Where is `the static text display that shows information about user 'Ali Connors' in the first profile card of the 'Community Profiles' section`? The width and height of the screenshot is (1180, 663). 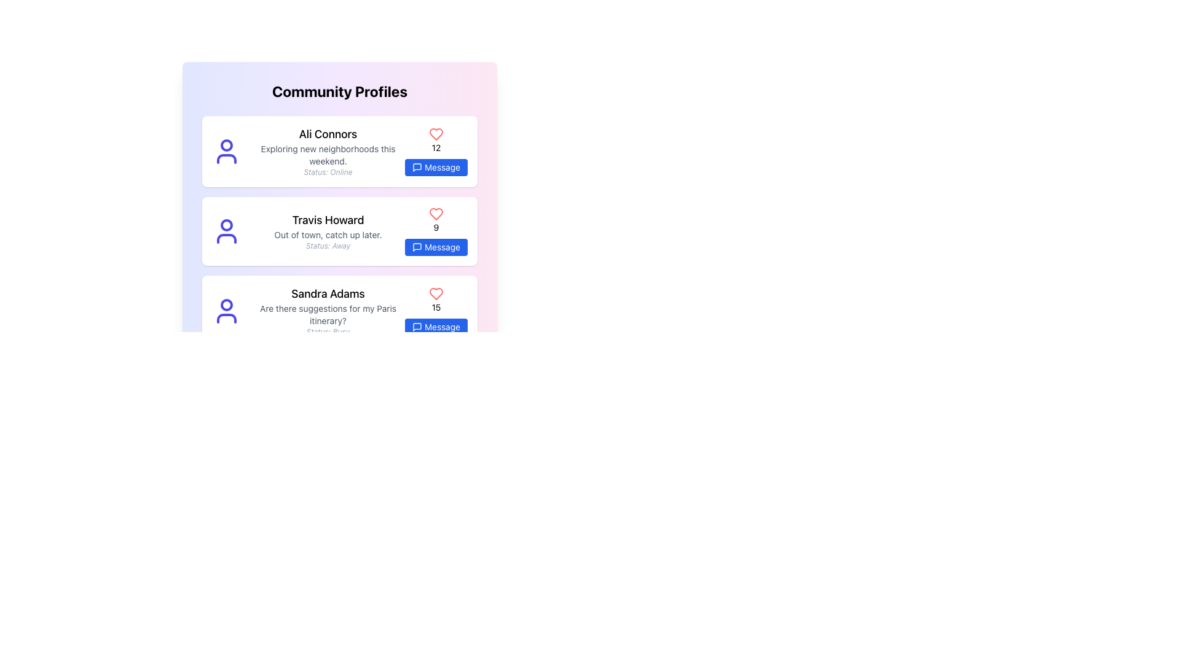
the static text display that shows information about user 'Ali Connors' in the first profile card of the 'Community Profiles' section is located at coordinates (328, 150).